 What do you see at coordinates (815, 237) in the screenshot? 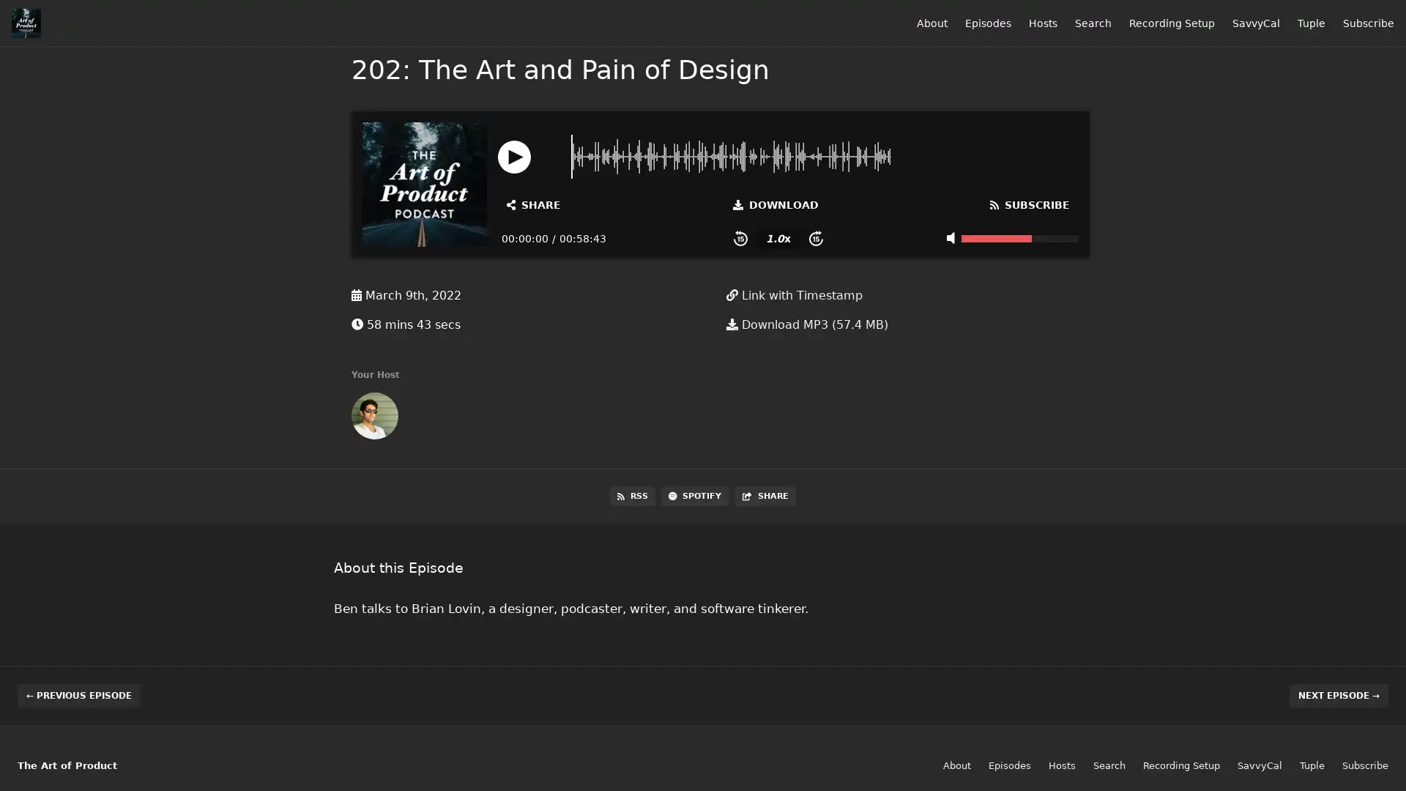
I see `Skip Forward 15 Seconds` at bounding box center [815, 237].